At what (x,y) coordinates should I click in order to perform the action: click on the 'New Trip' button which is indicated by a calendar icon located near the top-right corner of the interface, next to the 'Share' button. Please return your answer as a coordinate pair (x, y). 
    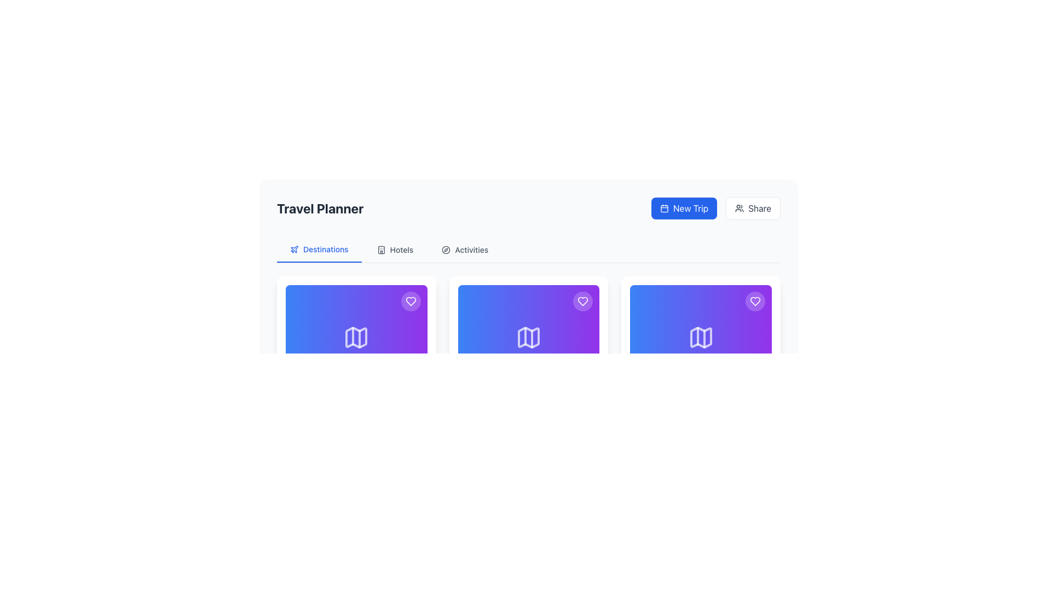
    Looking at the image, I should click on (664, 208).